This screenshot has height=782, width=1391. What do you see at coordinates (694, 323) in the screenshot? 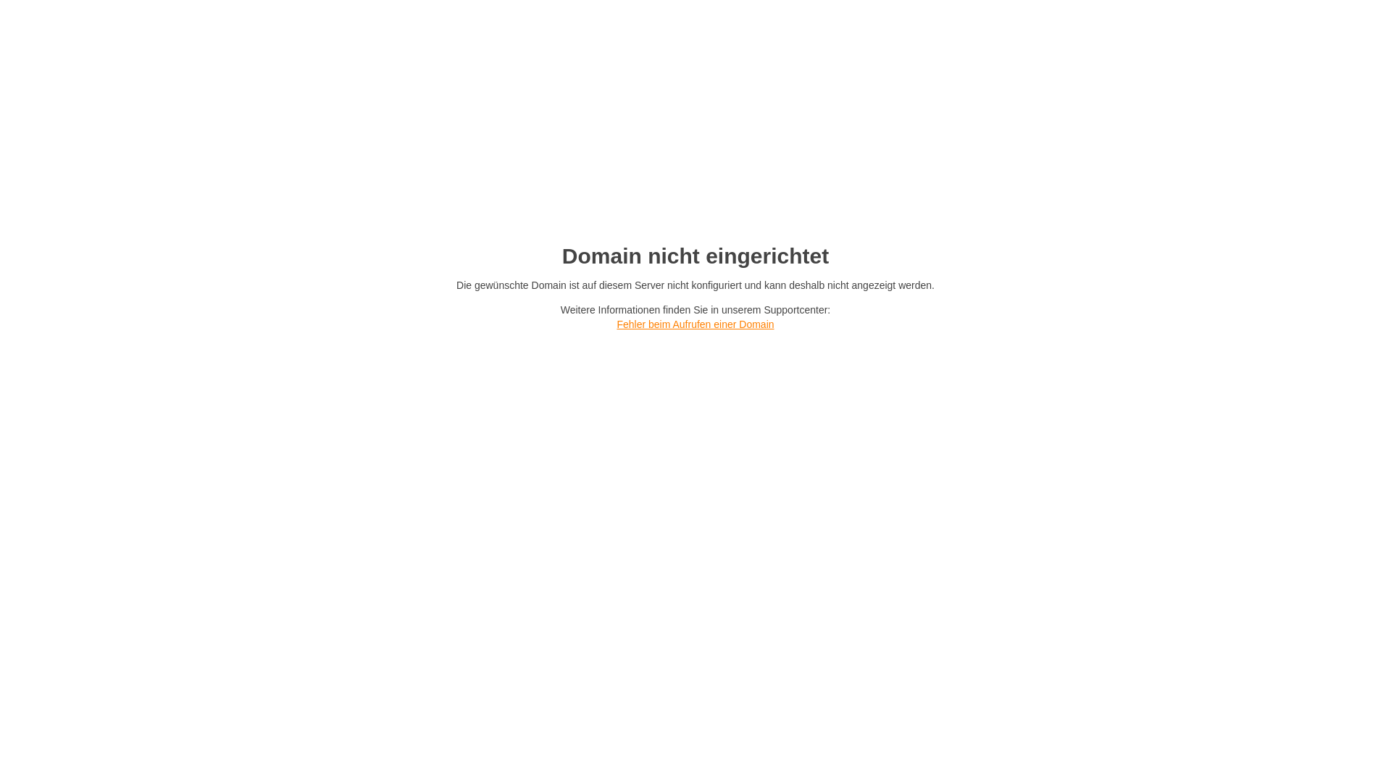
I see `'Fehler beim Aufrufen einer Domain'` at bounding box center [694, 323].